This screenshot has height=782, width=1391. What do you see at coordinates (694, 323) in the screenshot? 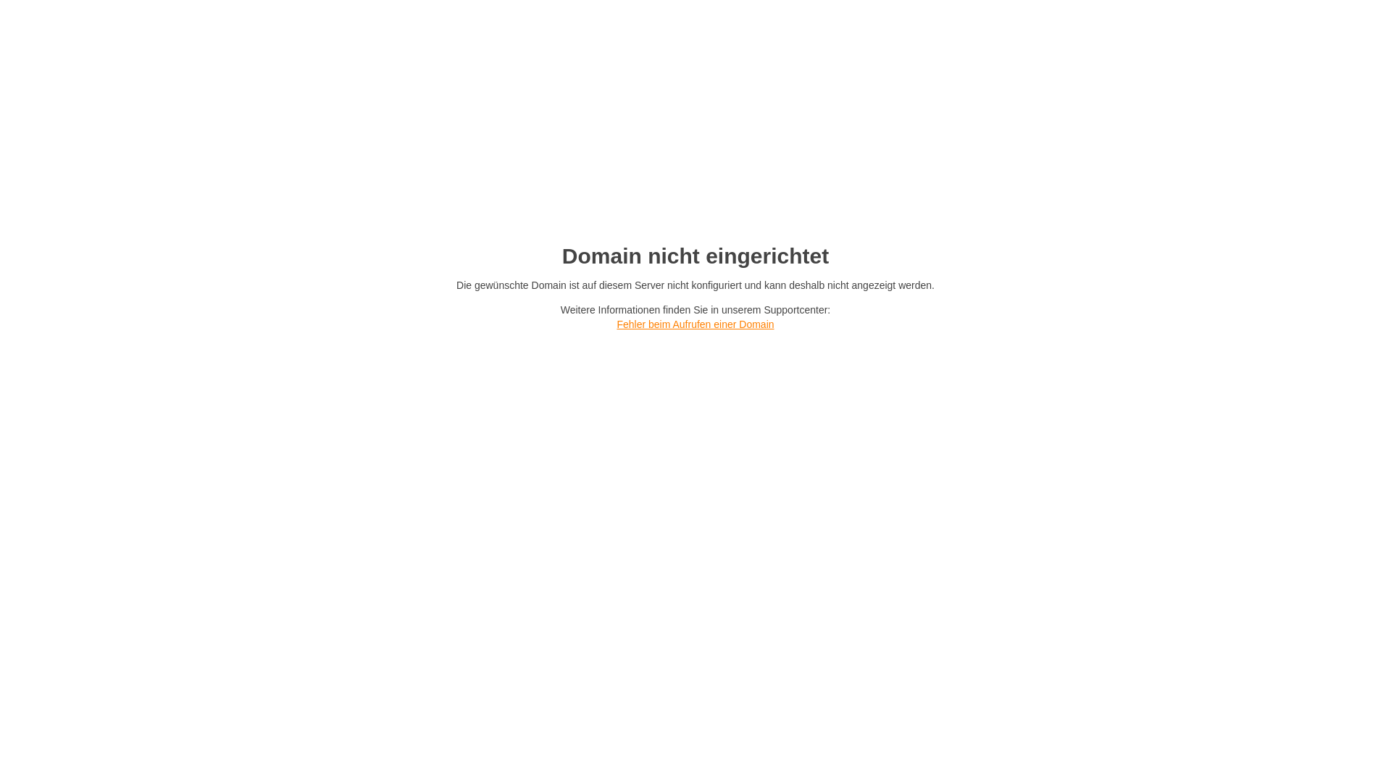
I see `'Fehler beim Aufrufen einer Domain'` at bounding box center [694, 323].